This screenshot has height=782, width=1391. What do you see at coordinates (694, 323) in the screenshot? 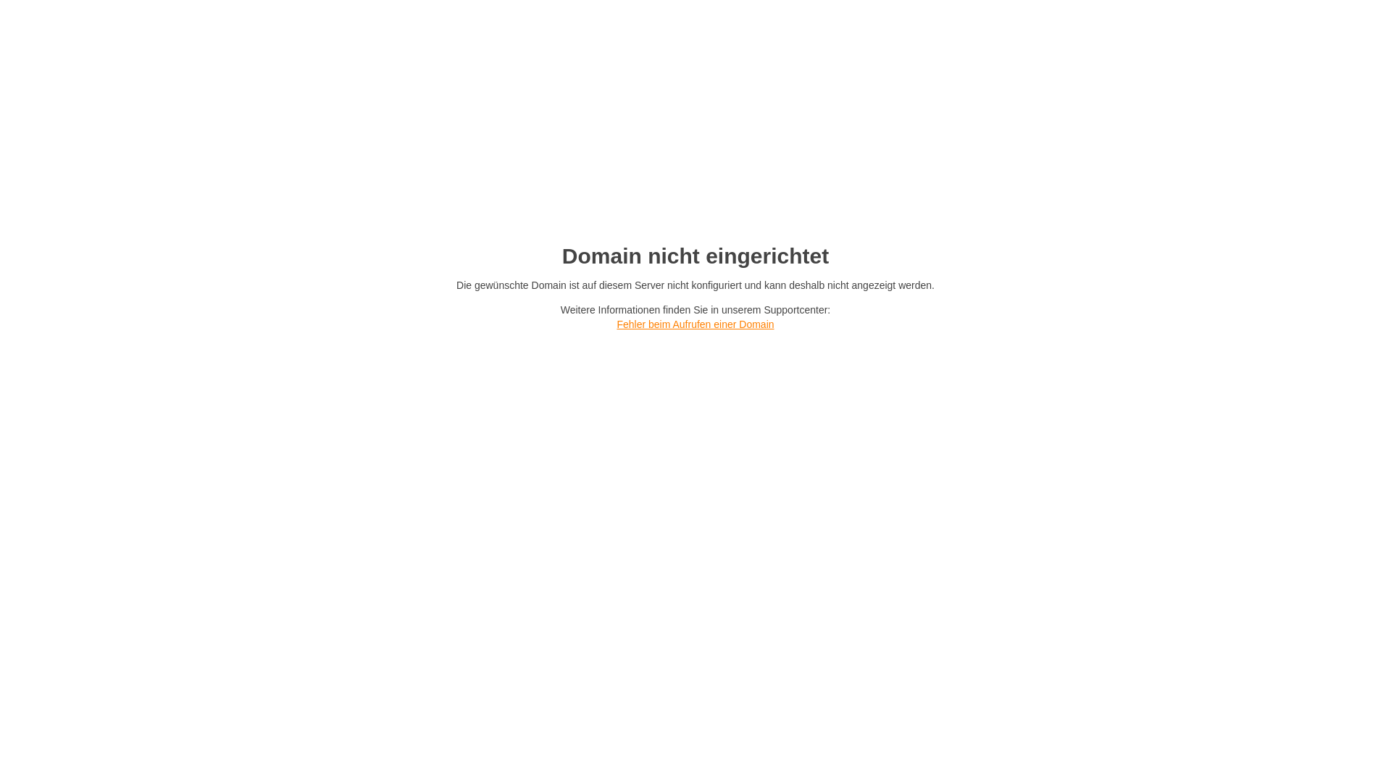
I see `'Fehler beim Aufrufen einer Domain'` at bounding box center [694, 323].